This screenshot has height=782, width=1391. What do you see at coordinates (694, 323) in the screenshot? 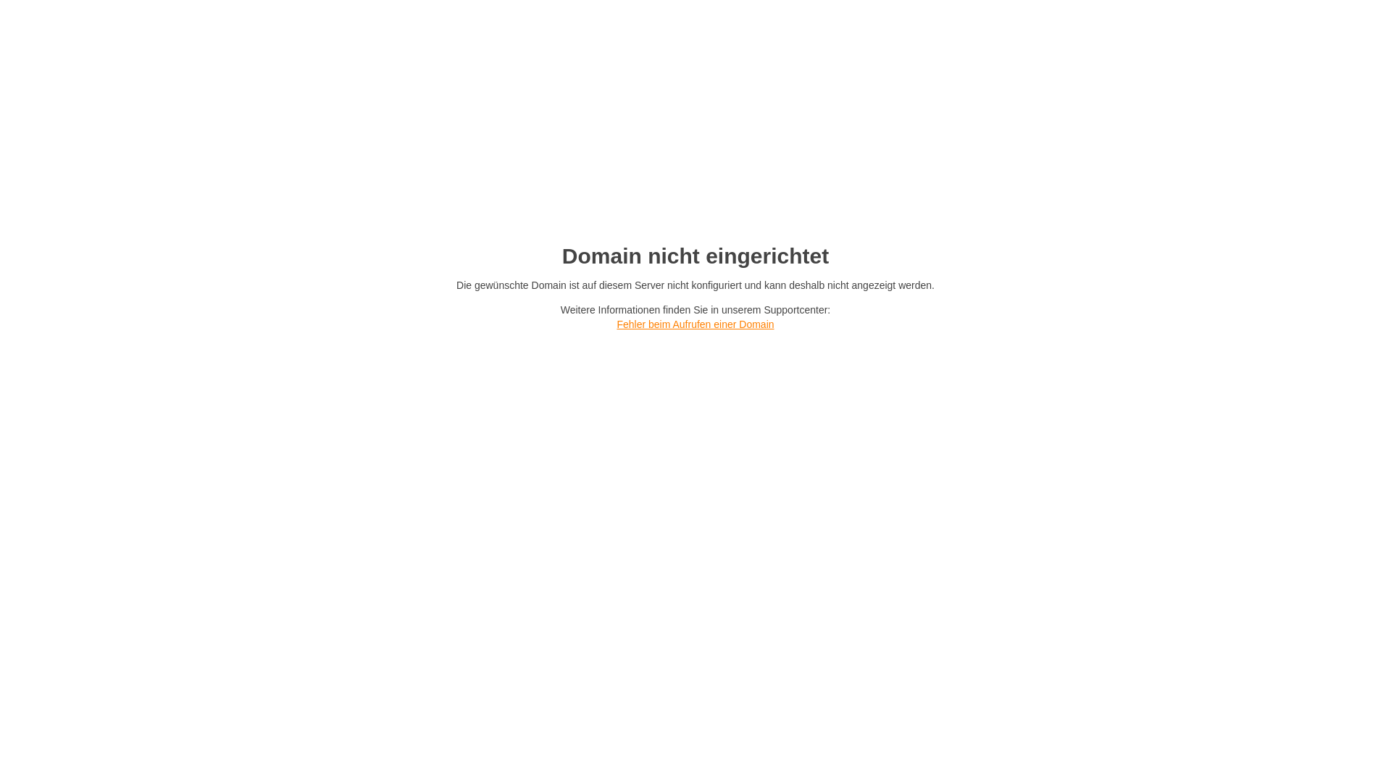
I see `'Fehler beim Aufrufen einer Domain'` at bounding box center [694, 323].